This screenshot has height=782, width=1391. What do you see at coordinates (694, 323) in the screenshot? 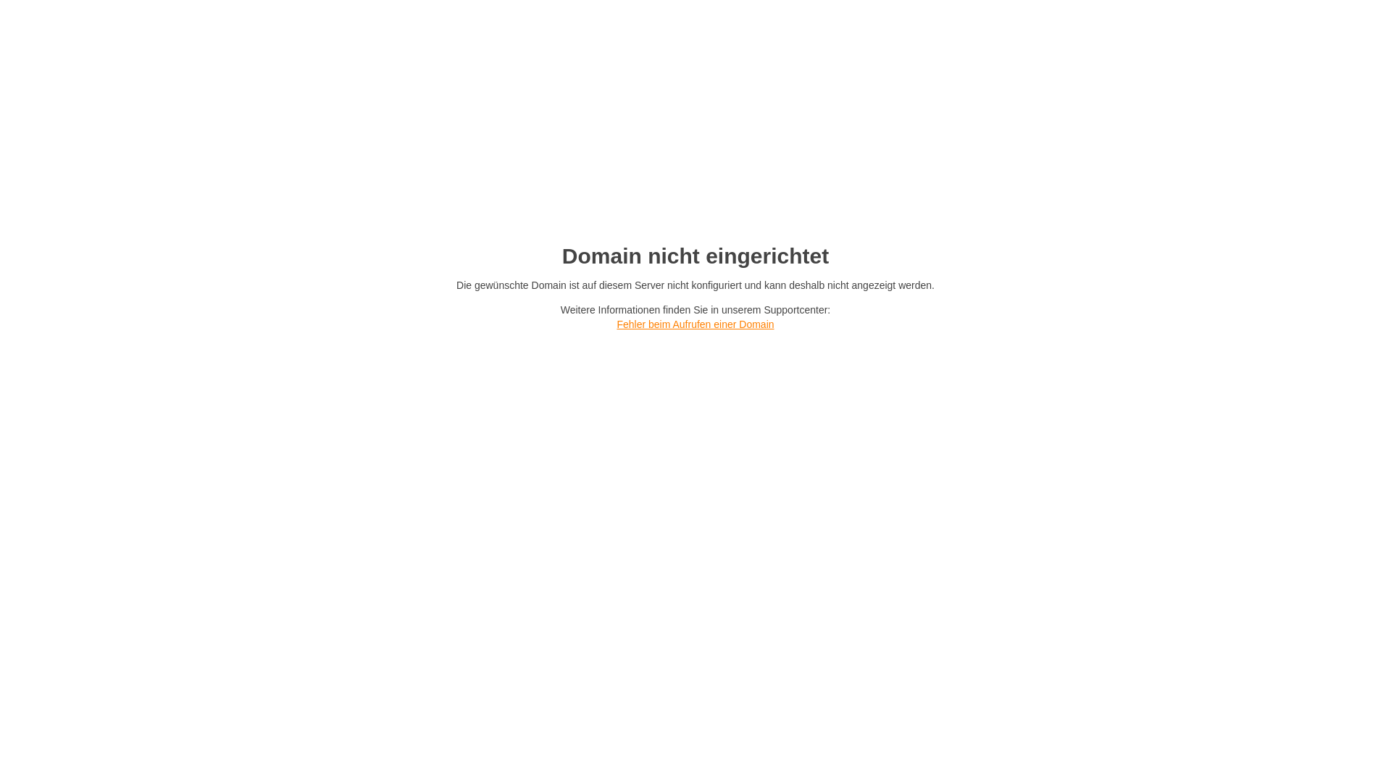
I see `'Fehler beim Aufrufen einer Domain'` at bounding box center [694, 323].